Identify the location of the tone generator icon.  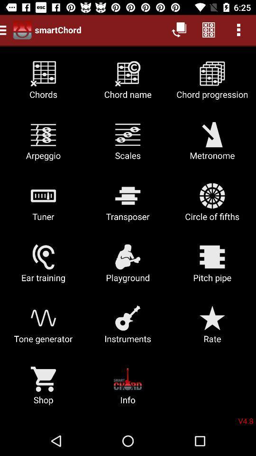
(43, 328).